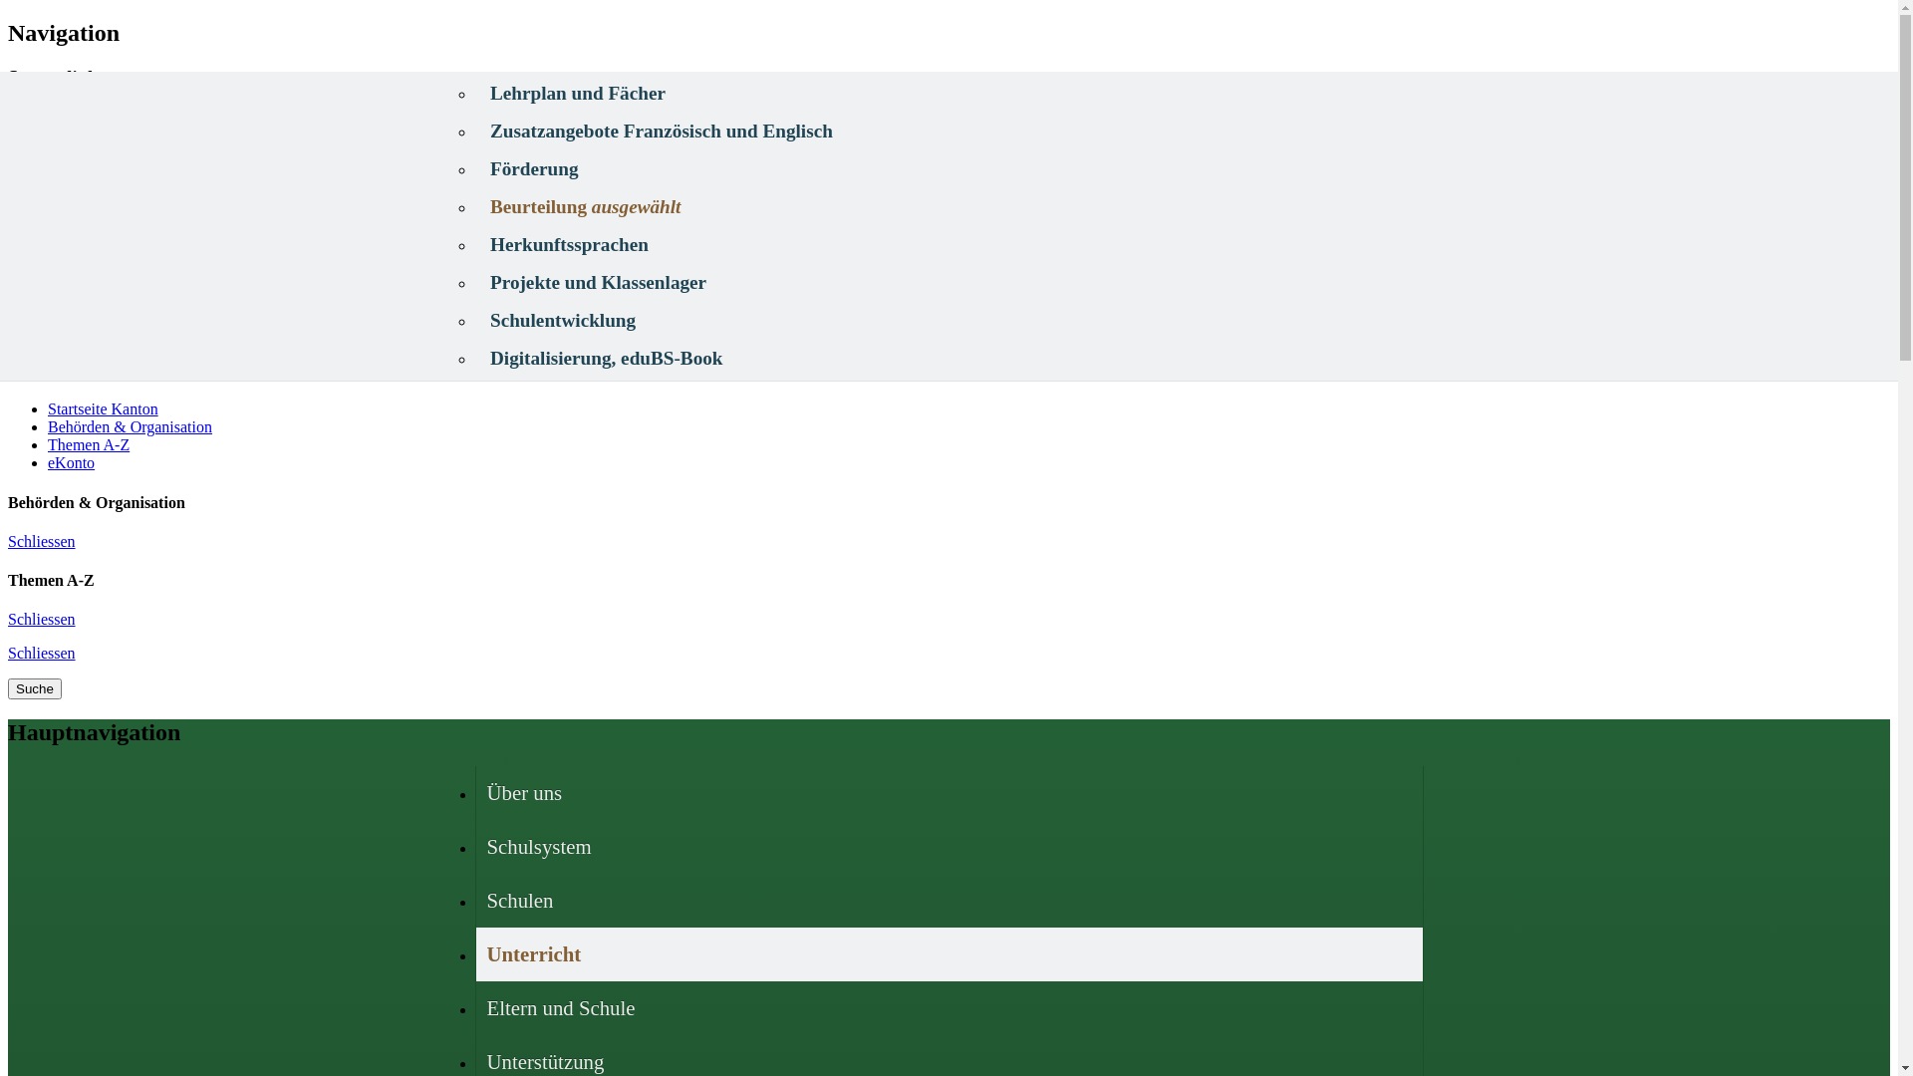  What do you see at coordinates (475, 900) in the screenshot?
I see `'Schulen'` at bounding box center [475, 900].